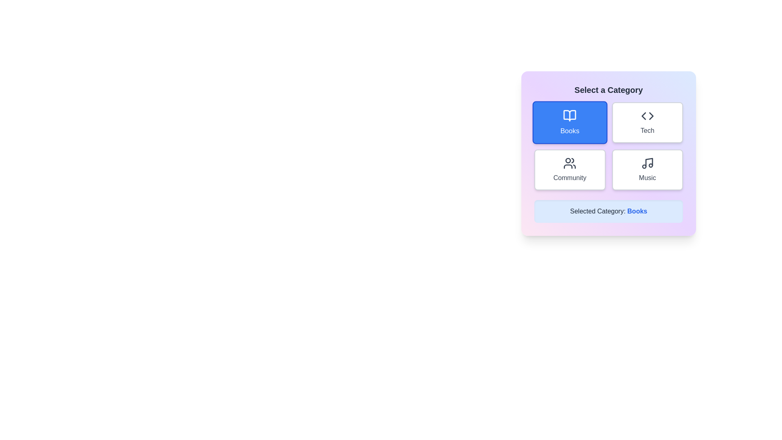 This screenshot has width=782, height=440. I want to click on the category button for Community, so click(569, 169).